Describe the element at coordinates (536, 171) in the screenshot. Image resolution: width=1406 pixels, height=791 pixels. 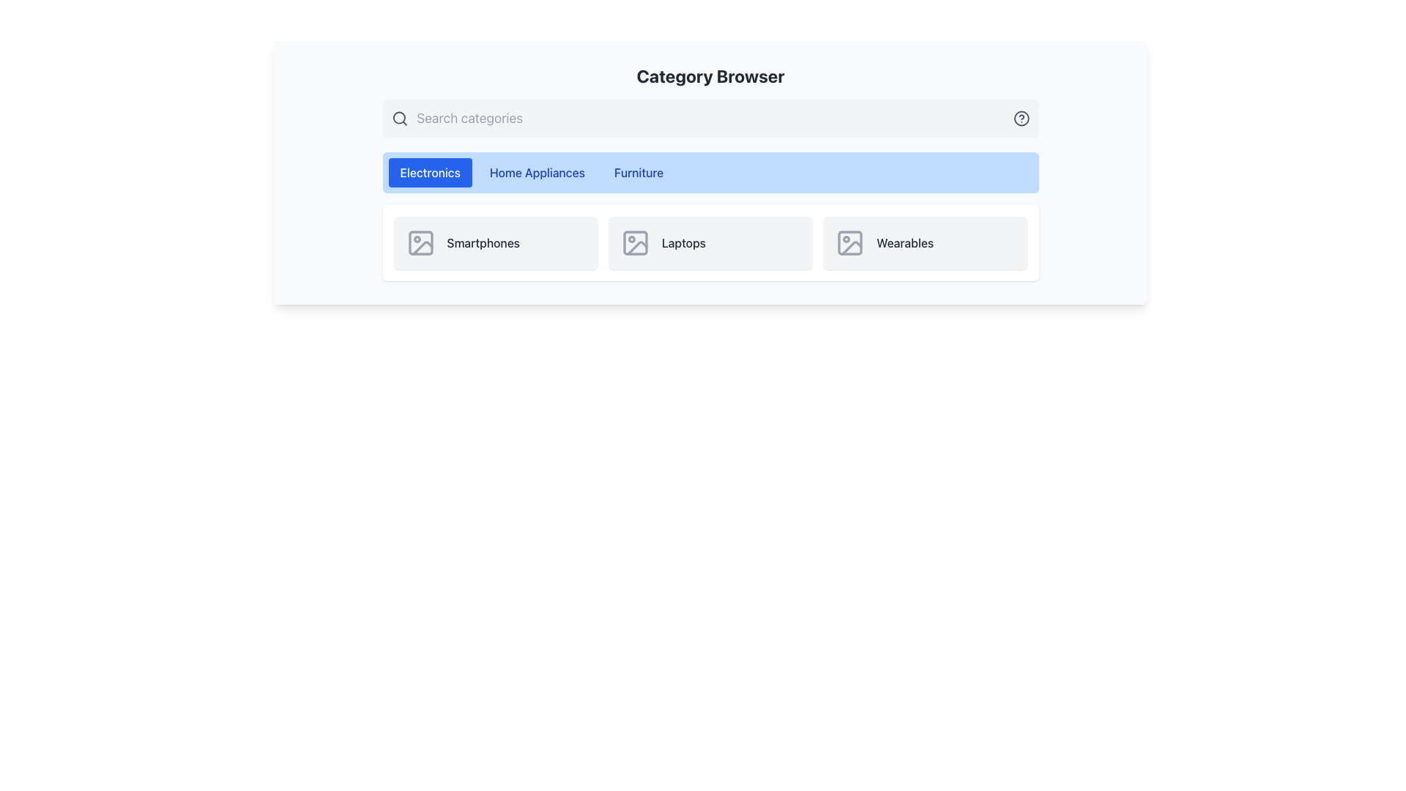
I see `the 'Home Appliances' tab button, which is styled with a blue font on a light background and is the second tab among three in the horizontal tab bar` at that location.